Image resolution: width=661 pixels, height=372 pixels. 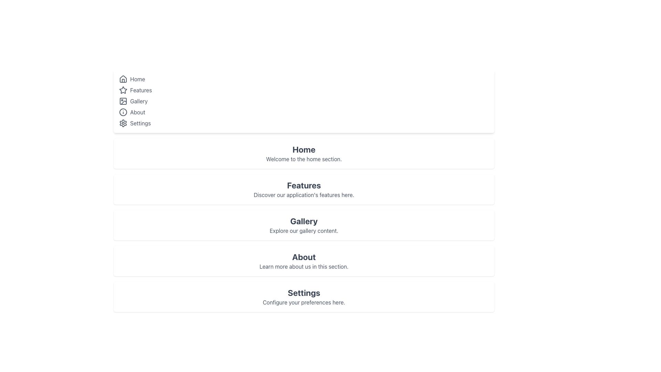 I want to click on the Text Block that serves as the section header and introduction for the 'Home' section, located directly under the vertical navigation menu, so click(x=304, y=153).